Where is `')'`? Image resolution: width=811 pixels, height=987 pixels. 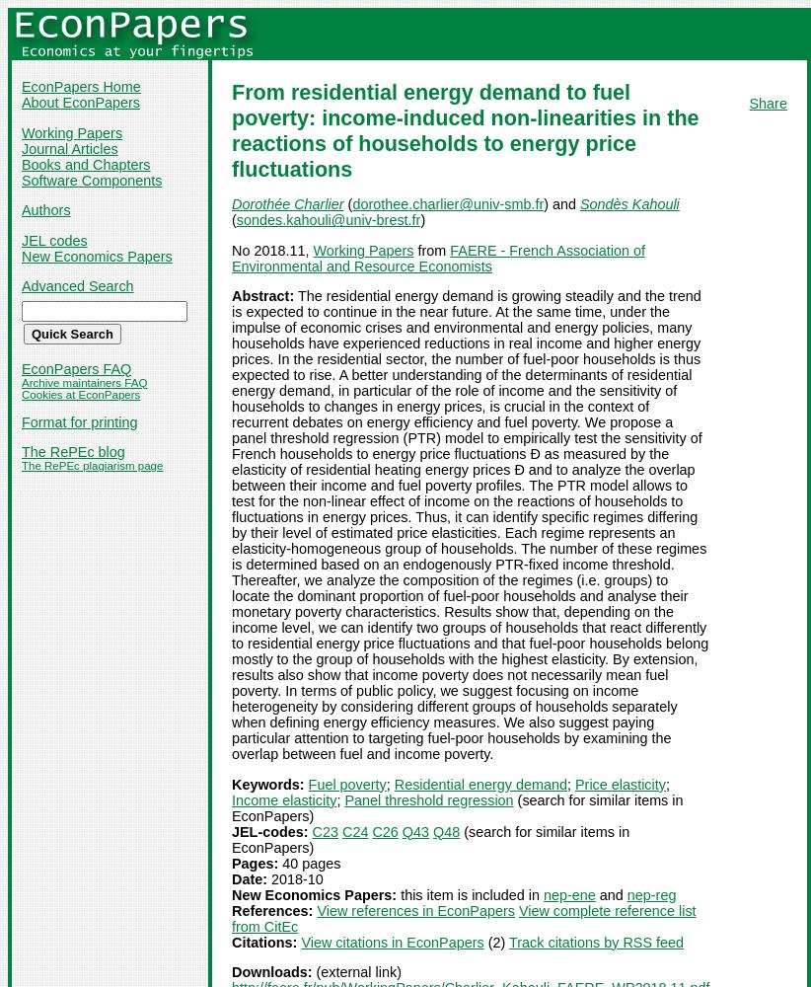 ')' is located at coordinates (418, 219).